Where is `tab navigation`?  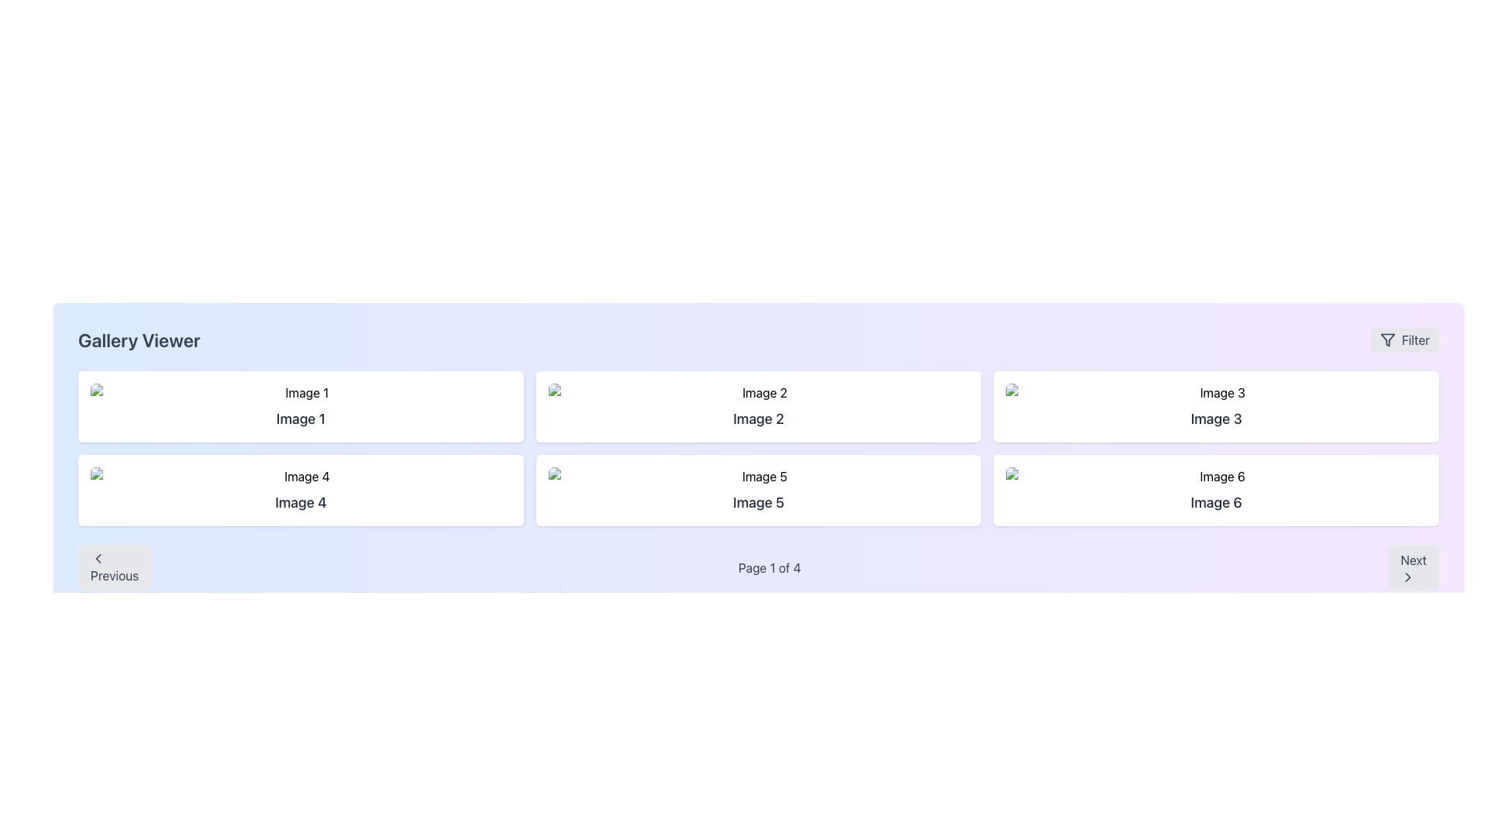
tab navigation is located at coordinates (759, 475).